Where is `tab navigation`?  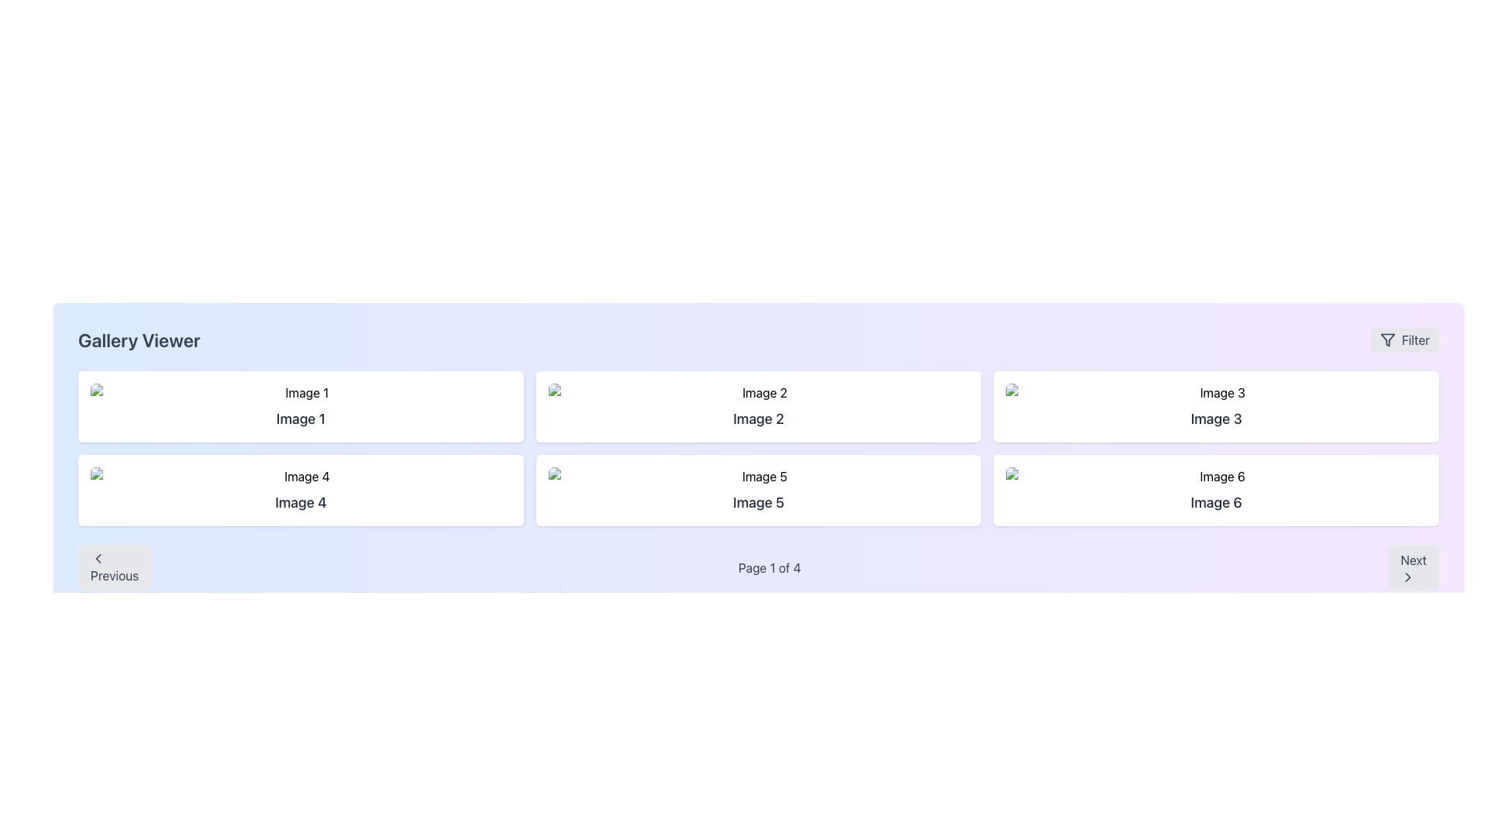
tab navigation is located at coordinates (759, 475).